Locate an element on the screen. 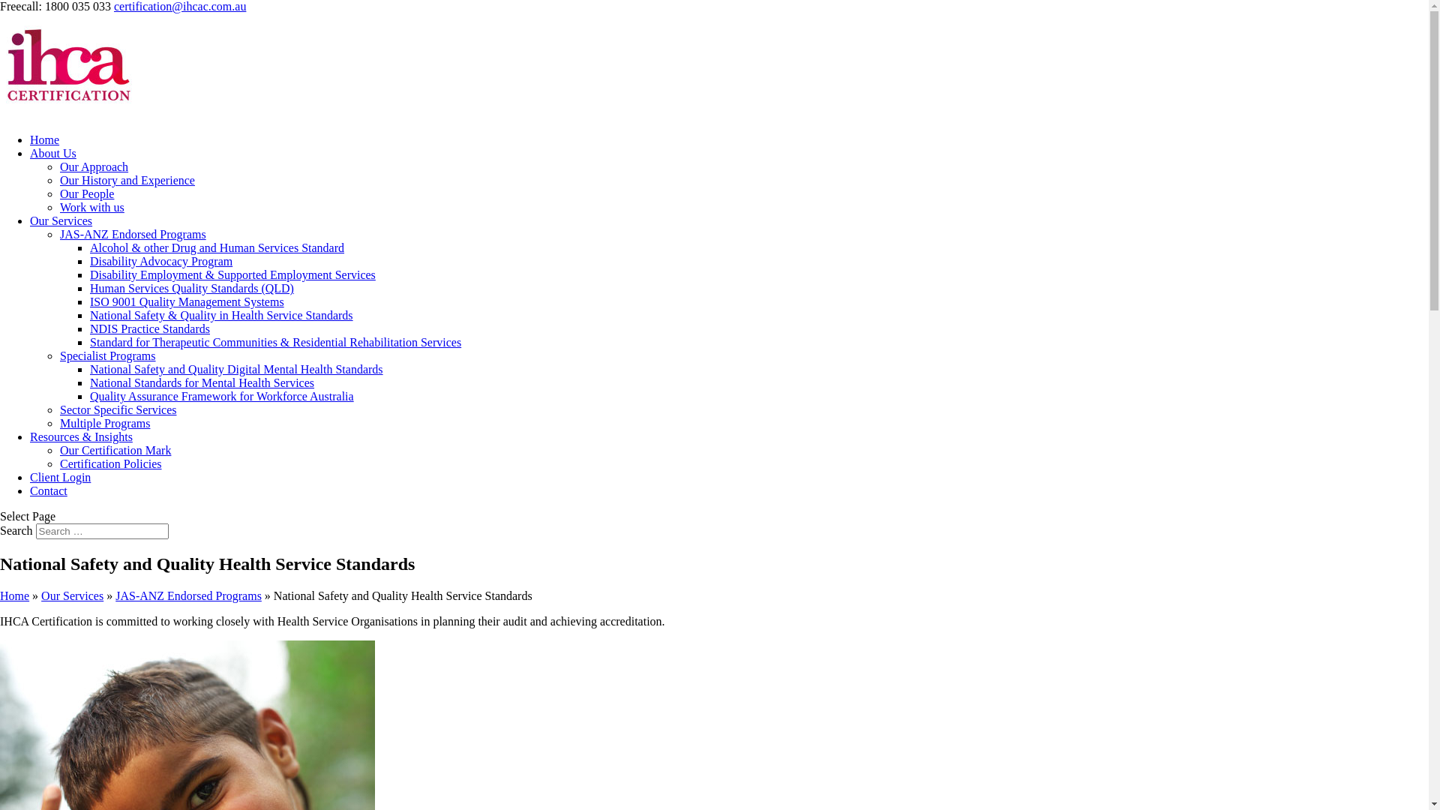 This screenshot has height=810, width=1440. 'Our History and Experience' is located at coordinates (127, 179).